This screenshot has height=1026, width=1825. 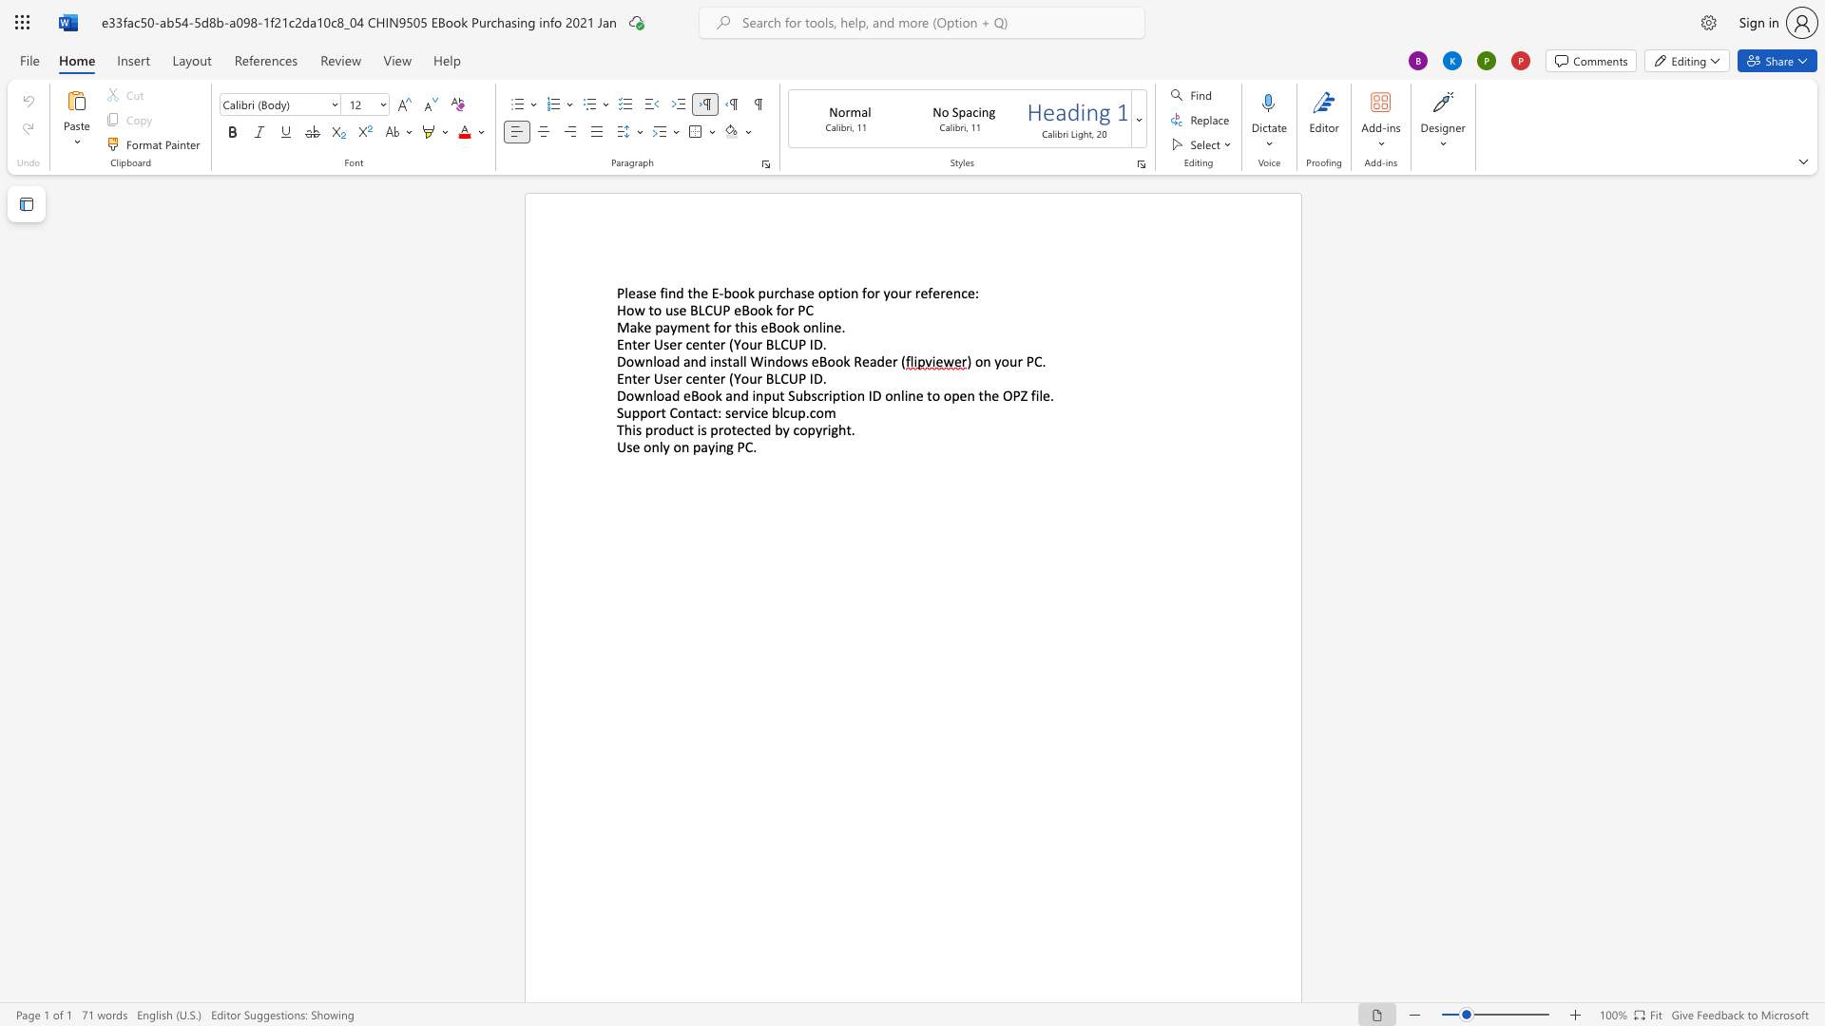 What do you see at coordinates (703, 309) in the screenshot?
I see `the subset text "CUP eBook fo" within the text "How to use BLCUP eBook for PC"` at bounding box center [703, 309].